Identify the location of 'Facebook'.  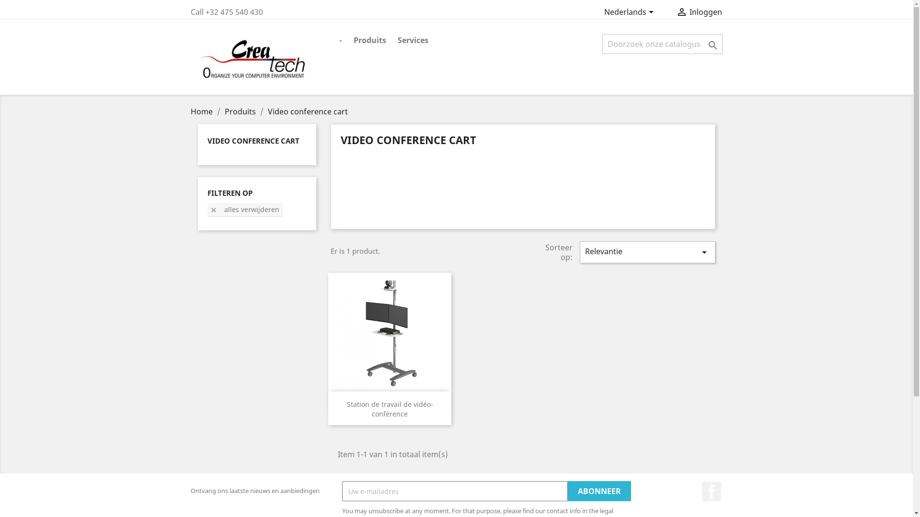
(711, 491).